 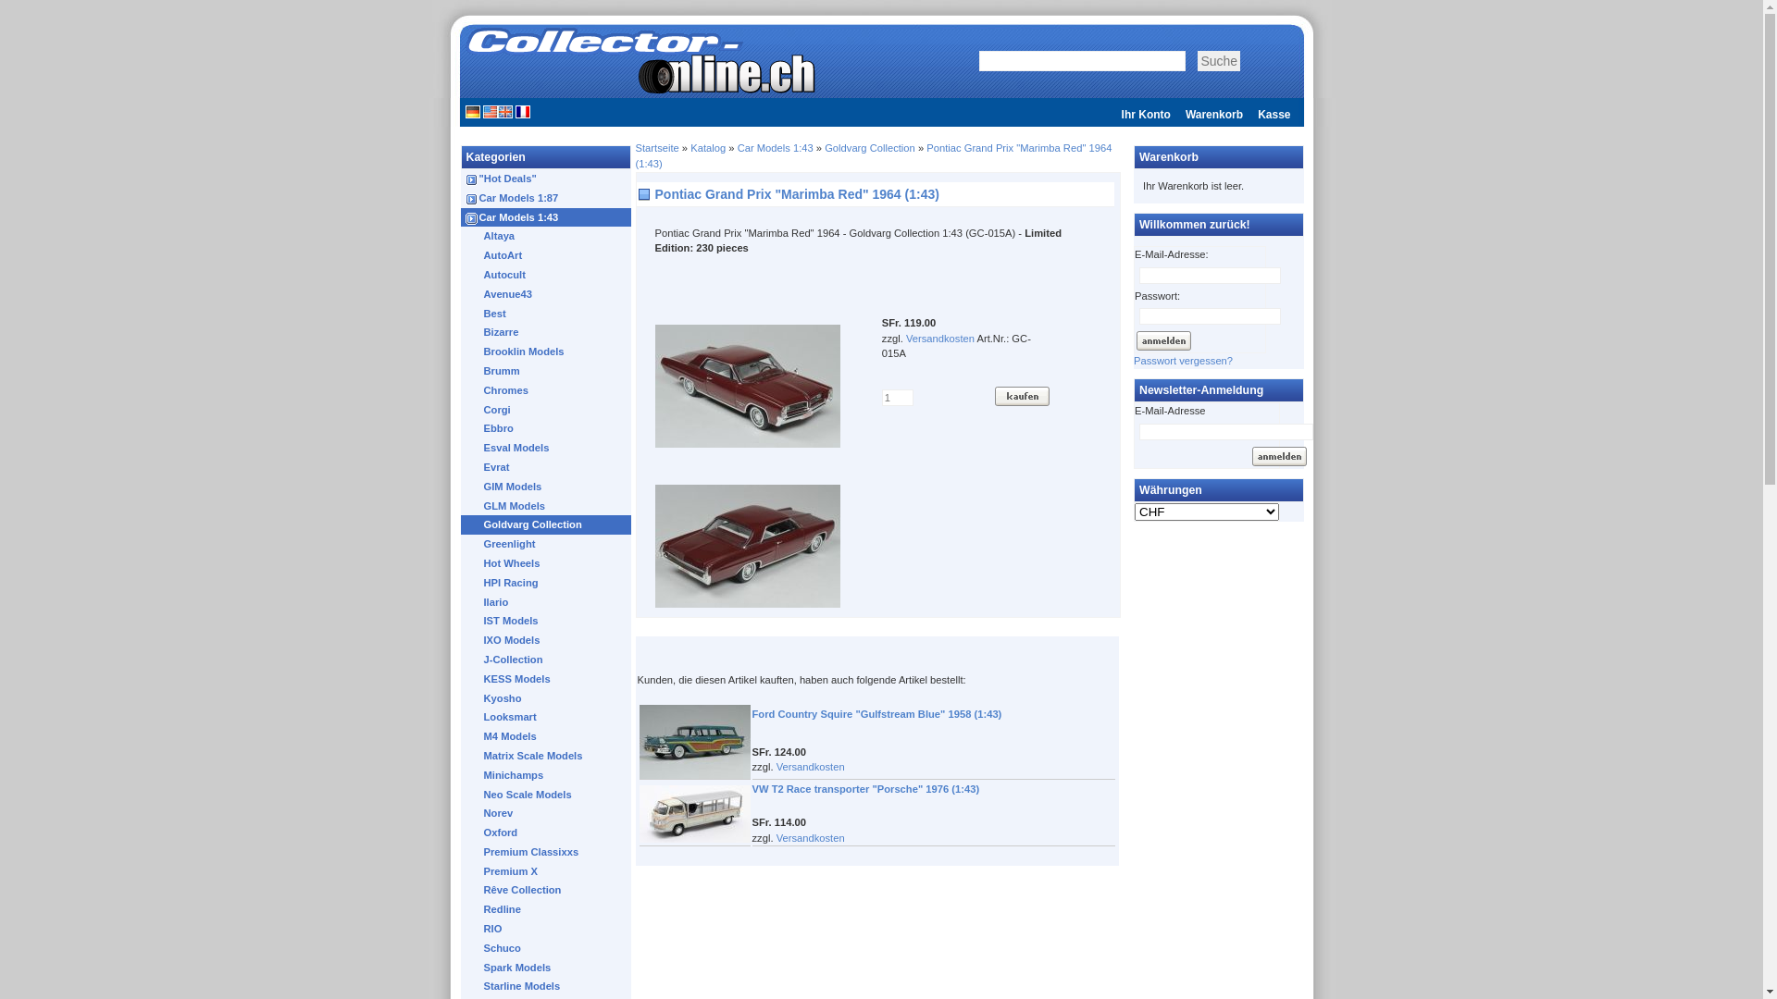 What do you see at coordinates (548, 331) in the screenshot?
I see `'Bizarre'` at bounding box center [548, 331].